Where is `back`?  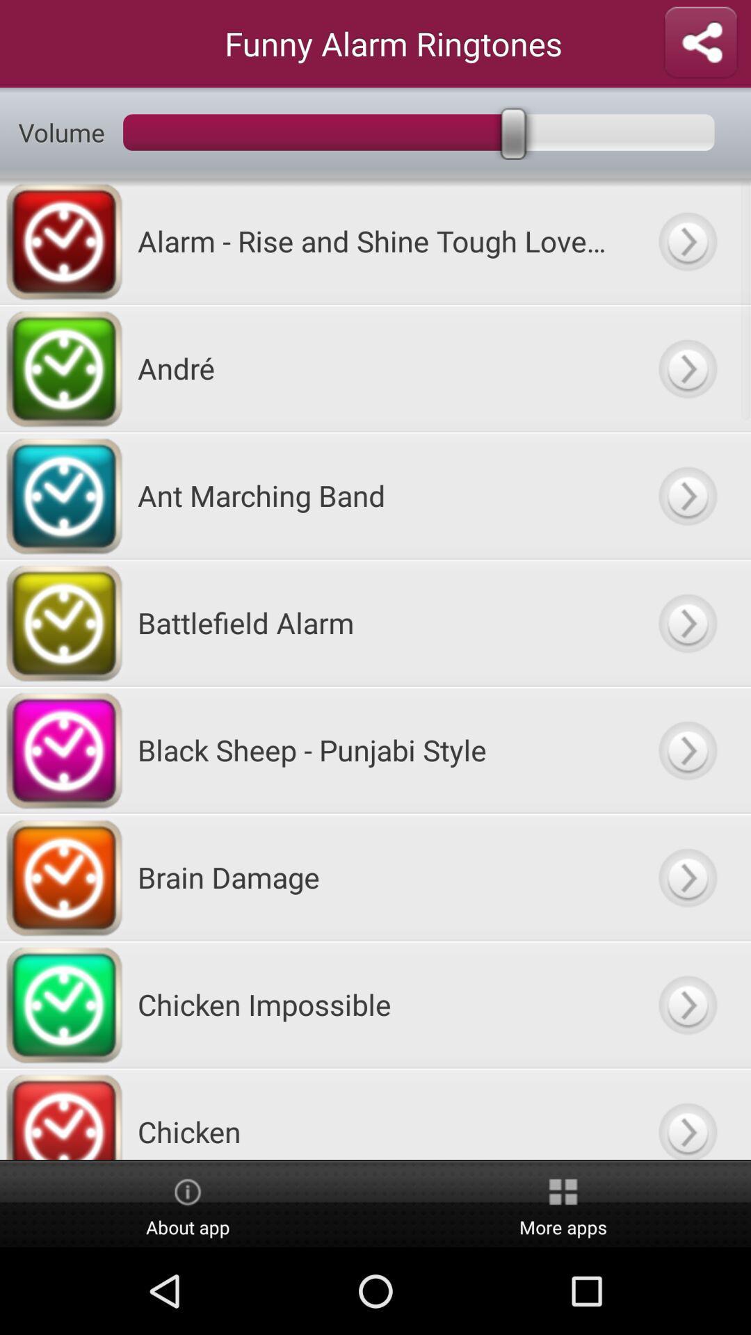 back is located at coordinates (686, 876).